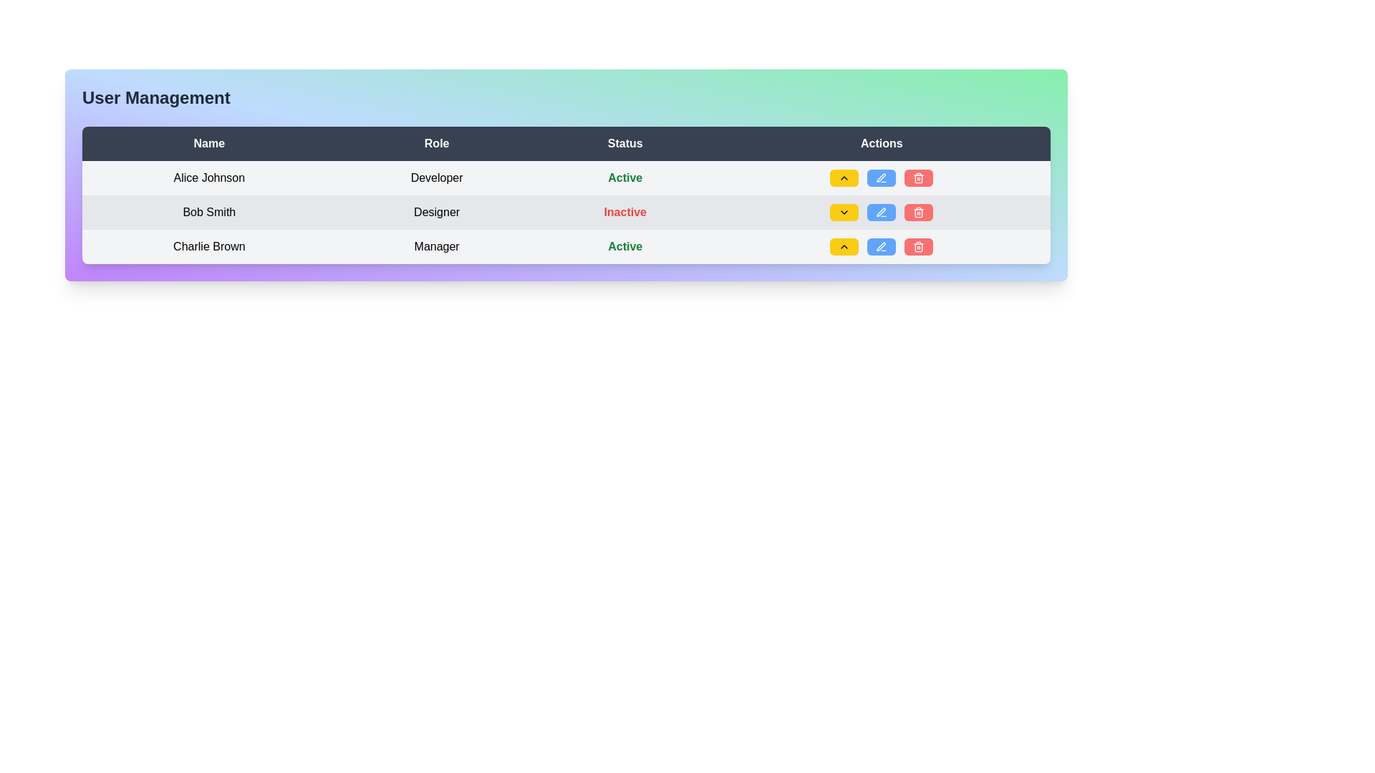  What do you see at coordinates (881, 245) in the screenshot?
I see `the 'edit' icon in the Actions column for user 'Charlie Brown'` at bounding box center [881, 245].